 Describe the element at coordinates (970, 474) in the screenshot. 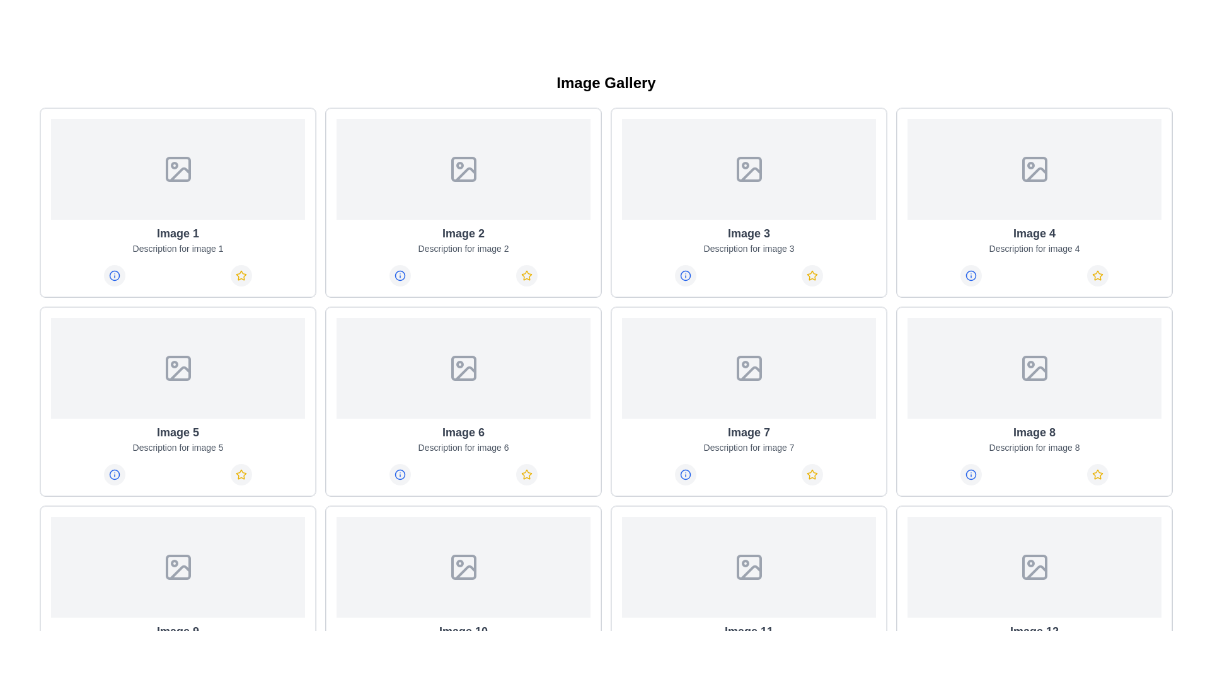

I see `the circular button with a light gray background and blue info icon located underneath the 'Image 8' title` at that location.